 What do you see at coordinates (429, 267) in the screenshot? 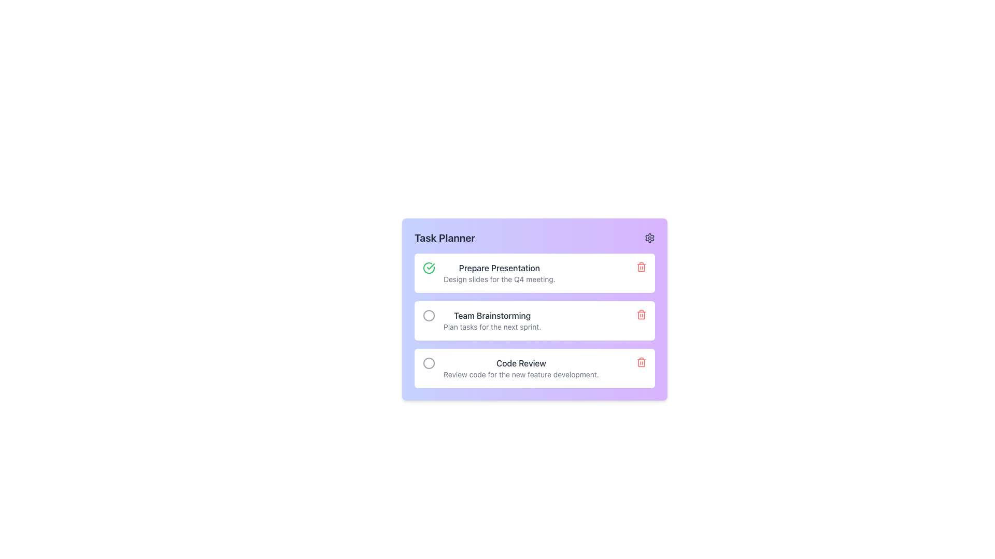
I see `the circular icon with a checkmark inside, located to the left of the text 'Prepare Presentation' in the 'Task Planner' list` at bounding box center [429, 267].